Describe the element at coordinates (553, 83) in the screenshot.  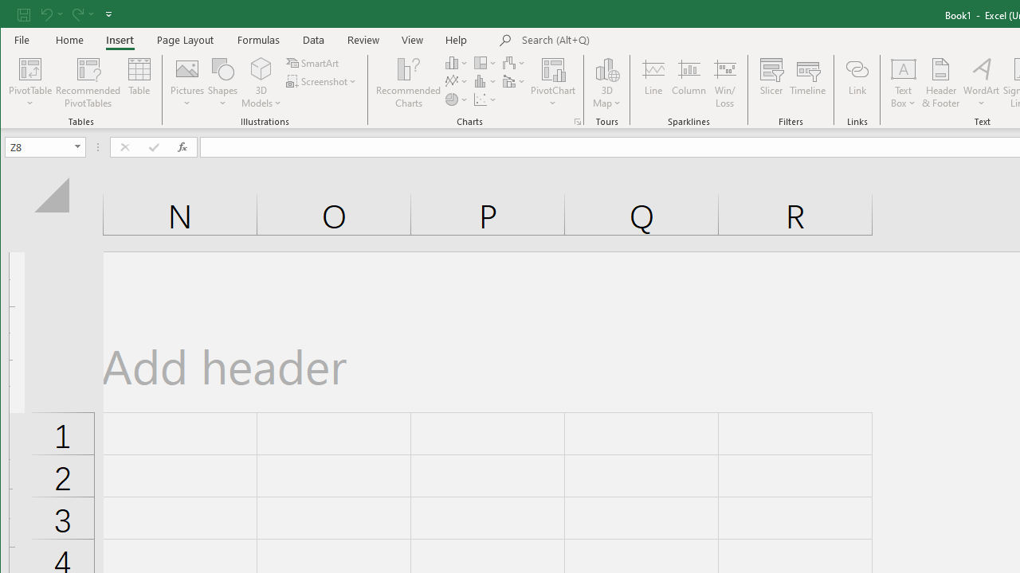
I see `'PivotChart'` at that location.